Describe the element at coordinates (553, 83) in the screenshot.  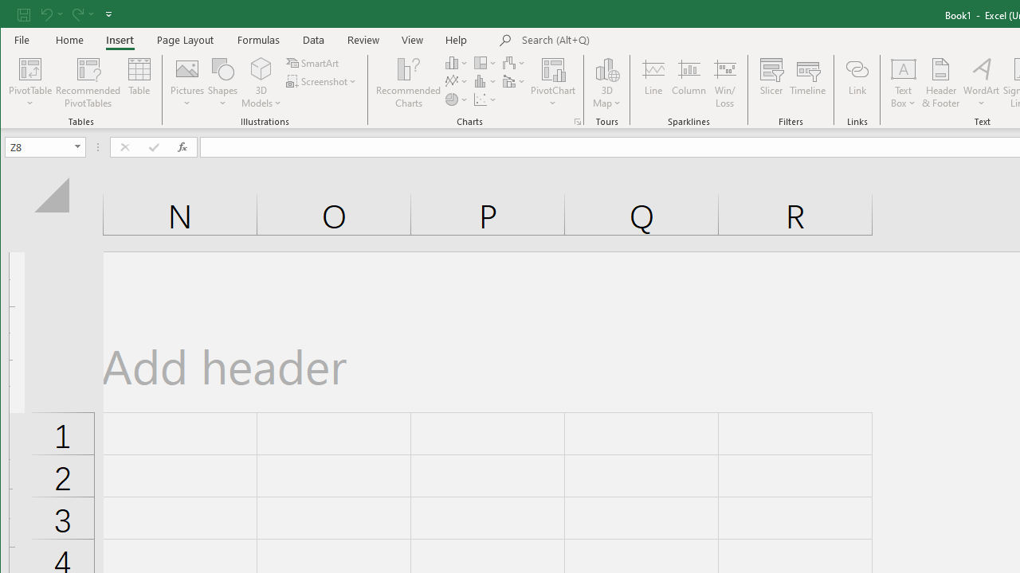
I see `'PivotChart'` at that location.